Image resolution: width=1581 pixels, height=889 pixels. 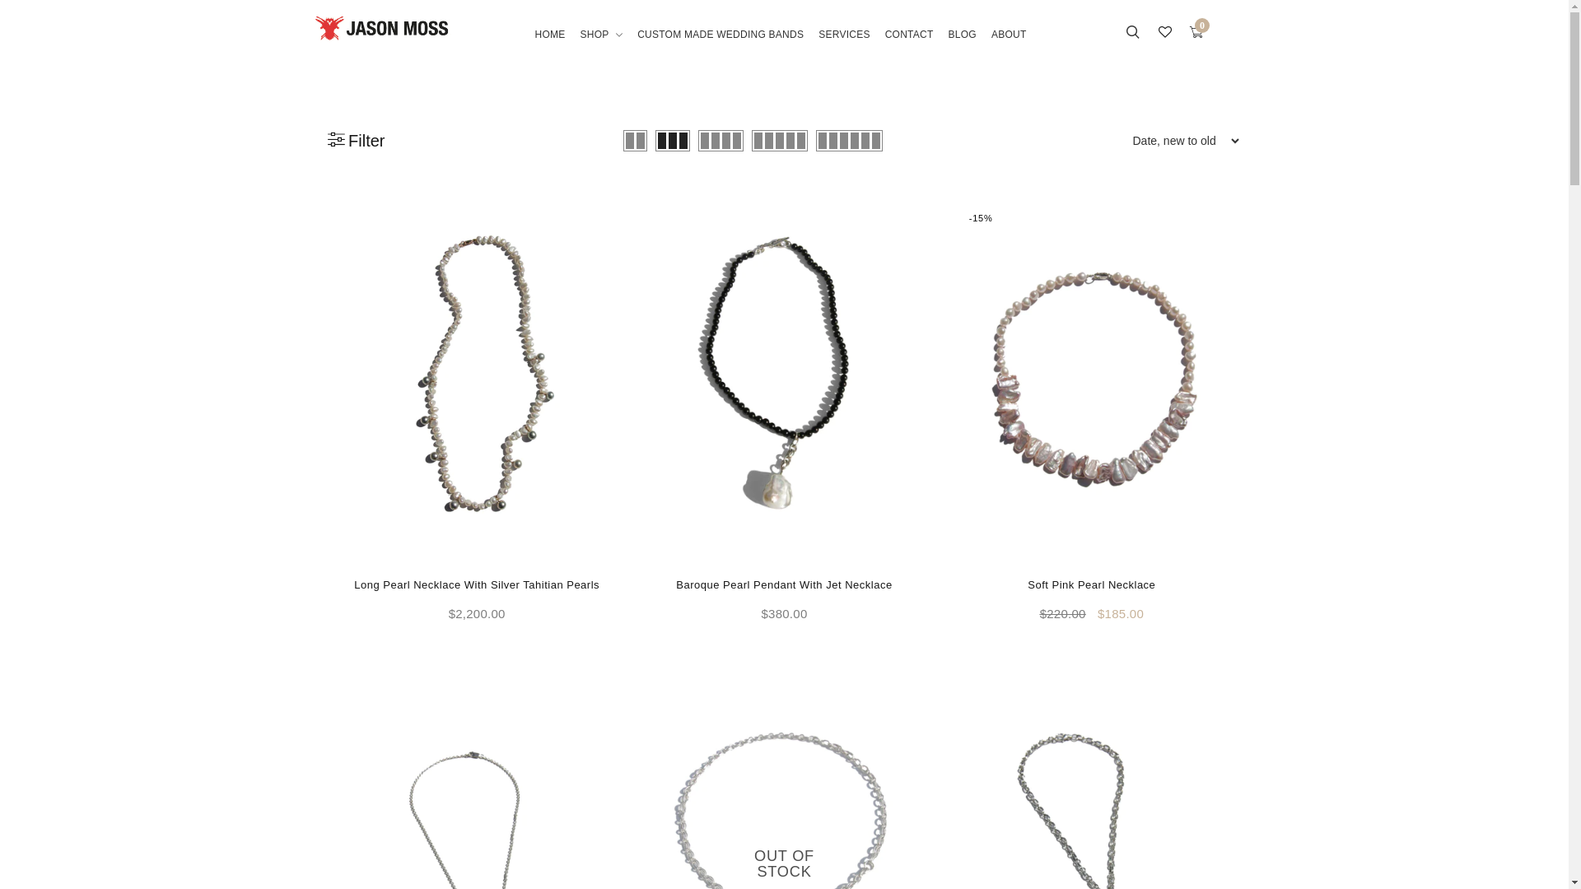 What do you see at coordinates (1091, 584) in the screenshot?
I see `'Soft Pink Pearl Necklace'` at bounding box center [1091, 584].